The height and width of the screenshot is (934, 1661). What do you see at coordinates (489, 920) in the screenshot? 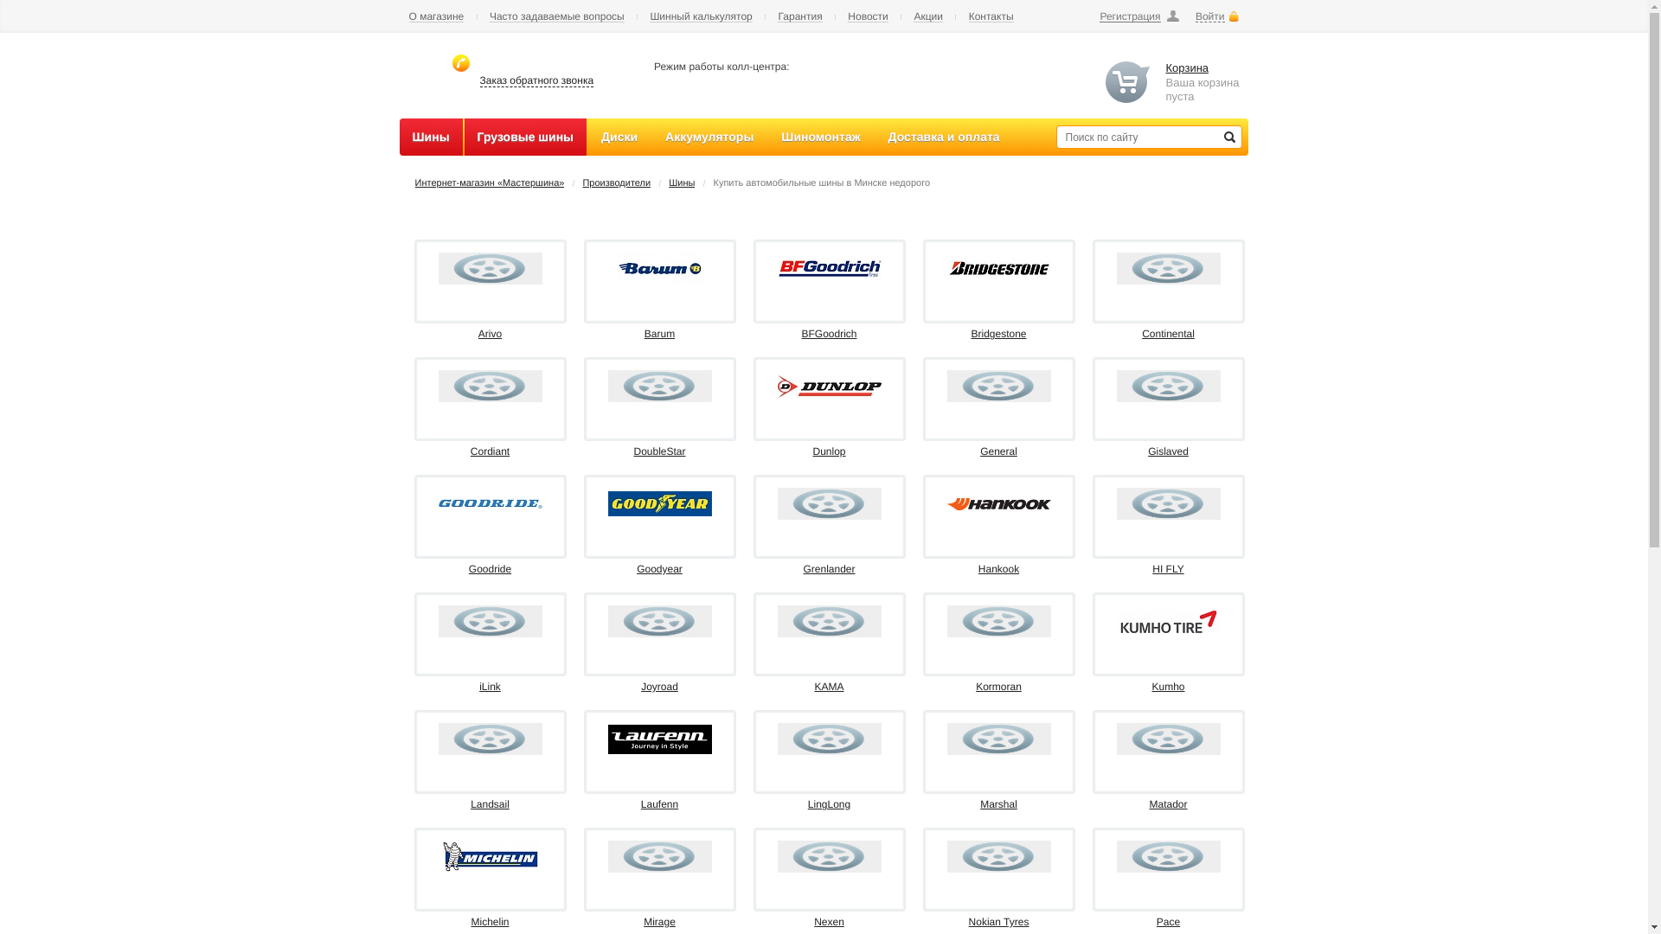
I see `'Michelin'` at bounding box center [489, 920].